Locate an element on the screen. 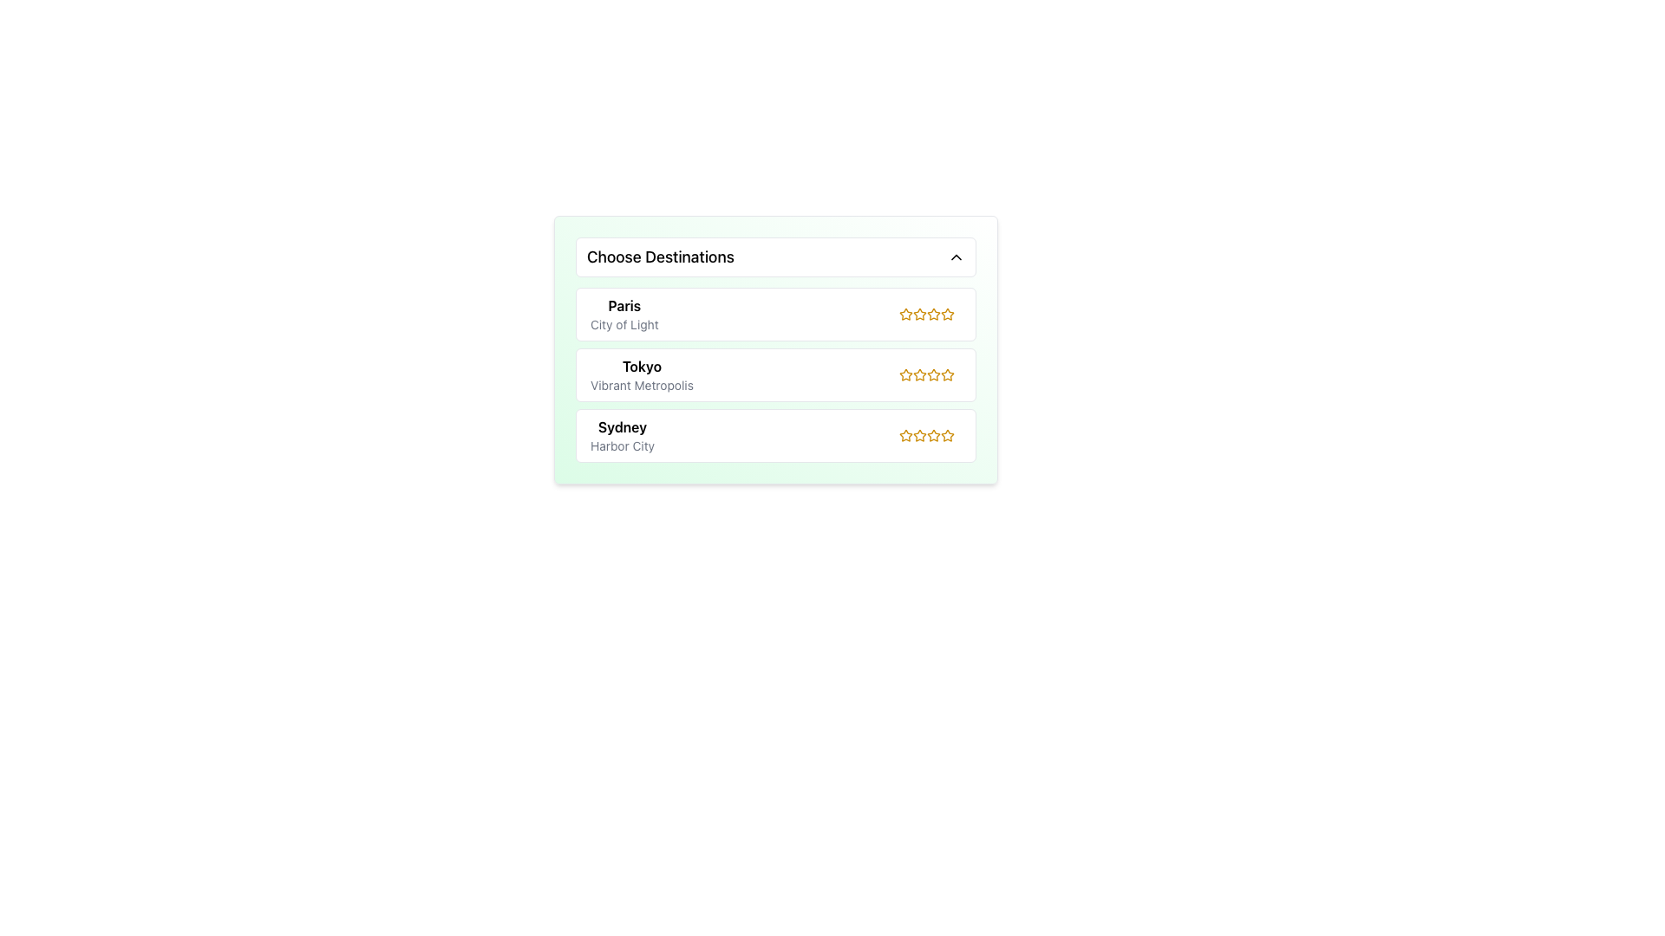 This screenshot has width=1665, height=936. the Chevron arrow icon located to the far right of the 'Choose Destinations' label is located at coordinates (956, 257).